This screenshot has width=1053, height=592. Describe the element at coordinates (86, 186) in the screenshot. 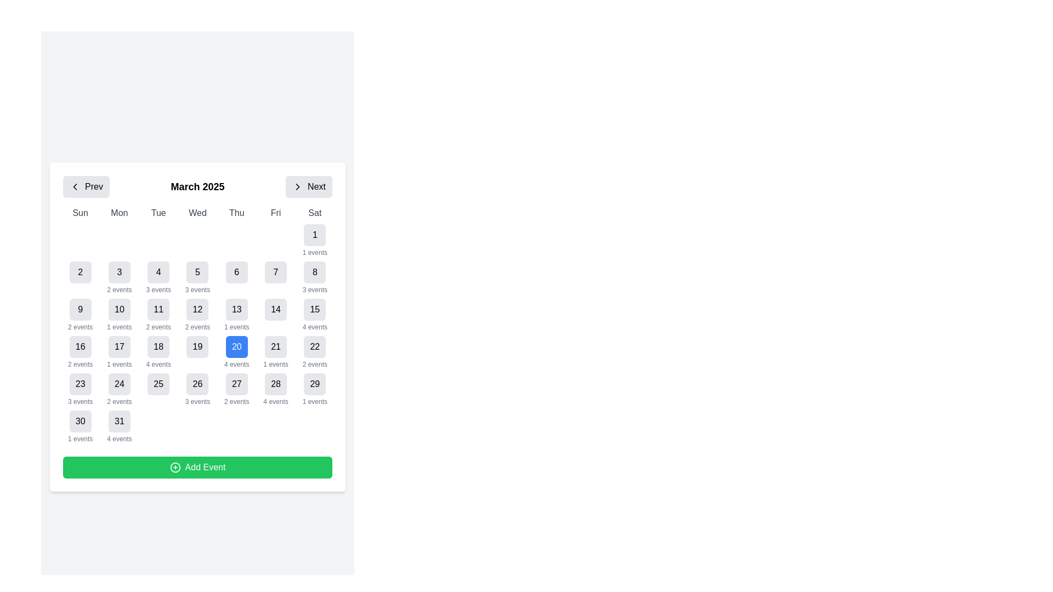

I see `the navigation button located at the top left of the calendar header section` at that location.